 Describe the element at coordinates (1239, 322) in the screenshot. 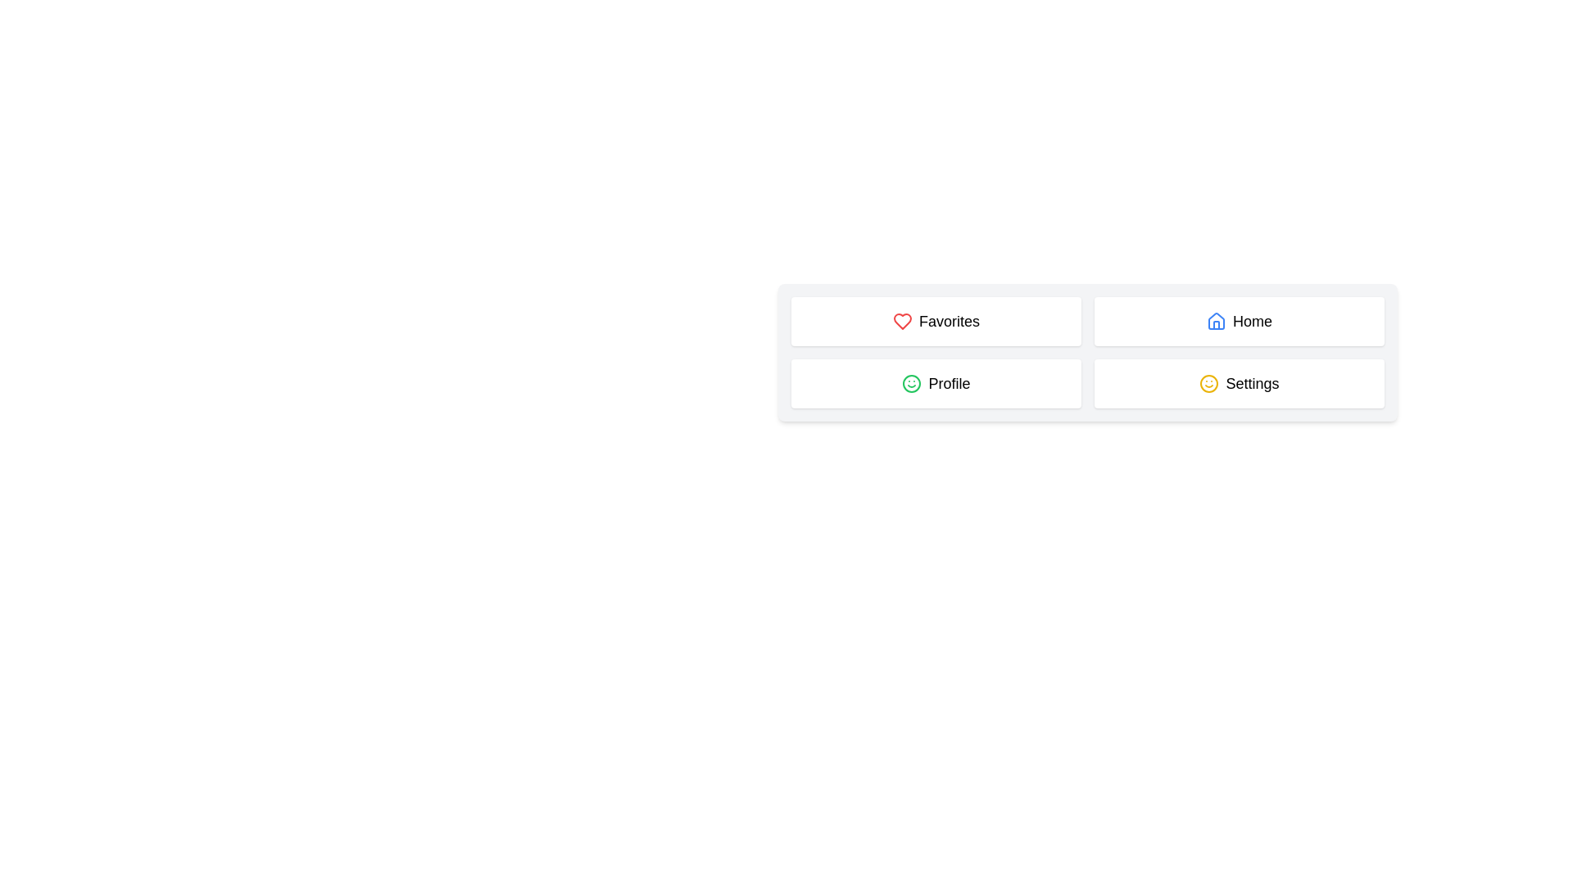

I see `the button labeled for navigating to the home page located in the top-right corner of the grid layout` at that location.